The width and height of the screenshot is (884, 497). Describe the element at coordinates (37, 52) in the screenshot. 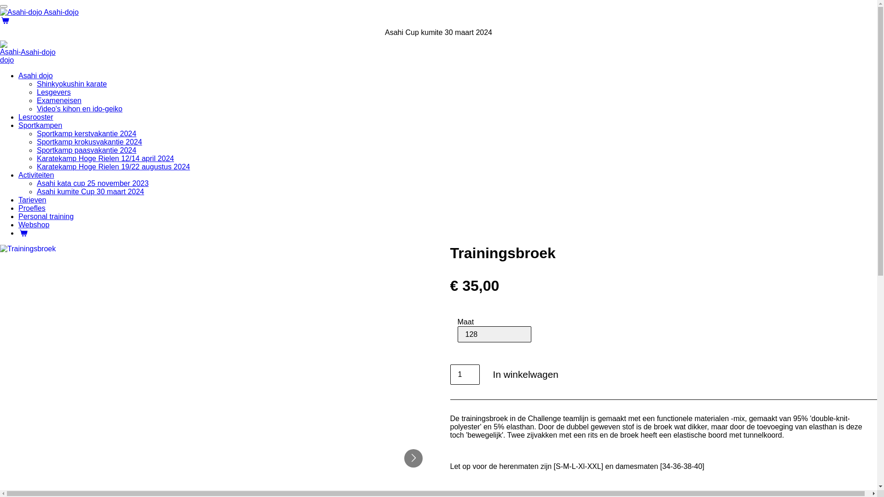

I see `'Asahi-dojo'` at that location.